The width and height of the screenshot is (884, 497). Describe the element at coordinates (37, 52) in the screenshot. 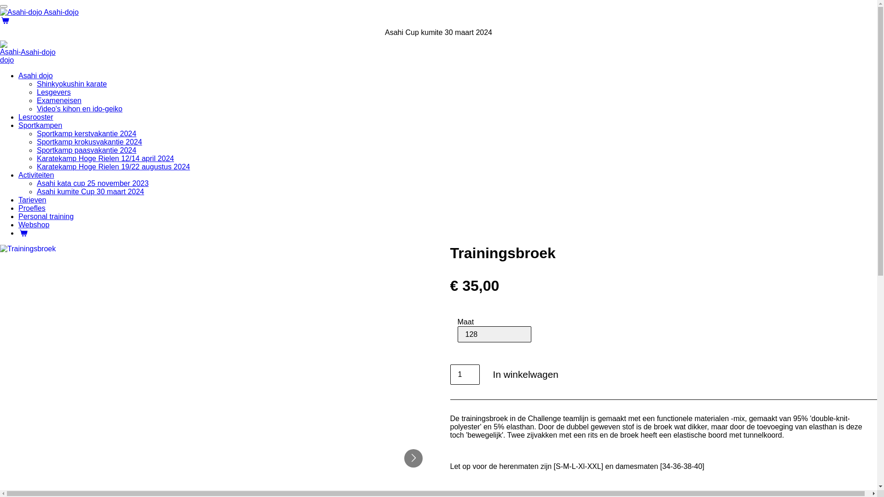

I see `'Asahi-dojo'` at that location.